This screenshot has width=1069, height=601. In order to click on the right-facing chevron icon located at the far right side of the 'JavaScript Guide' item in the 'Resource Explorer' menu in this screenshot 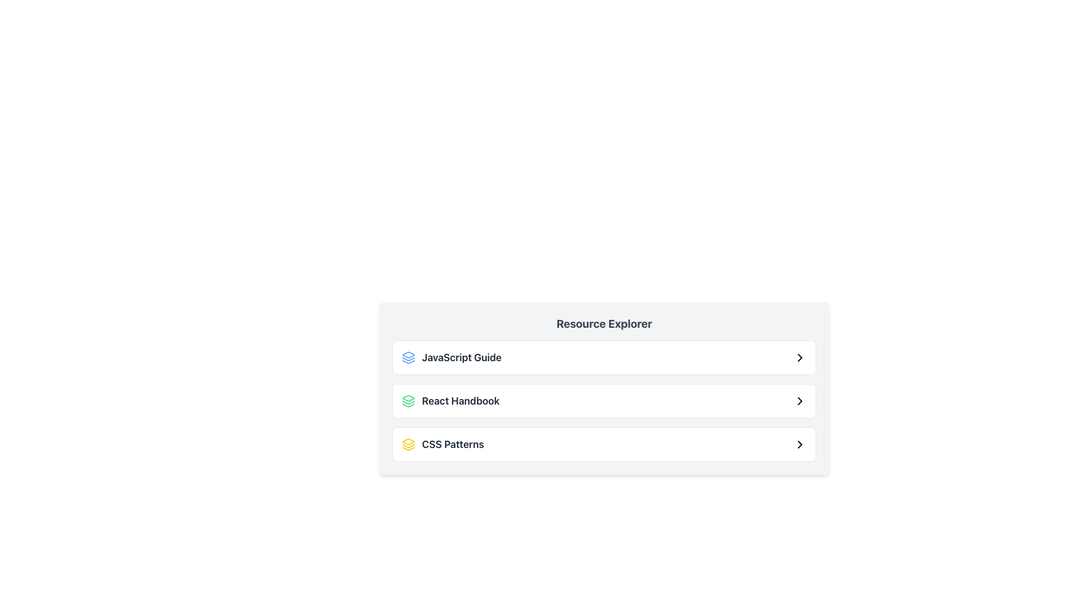, I will do `click(799, 358)`.